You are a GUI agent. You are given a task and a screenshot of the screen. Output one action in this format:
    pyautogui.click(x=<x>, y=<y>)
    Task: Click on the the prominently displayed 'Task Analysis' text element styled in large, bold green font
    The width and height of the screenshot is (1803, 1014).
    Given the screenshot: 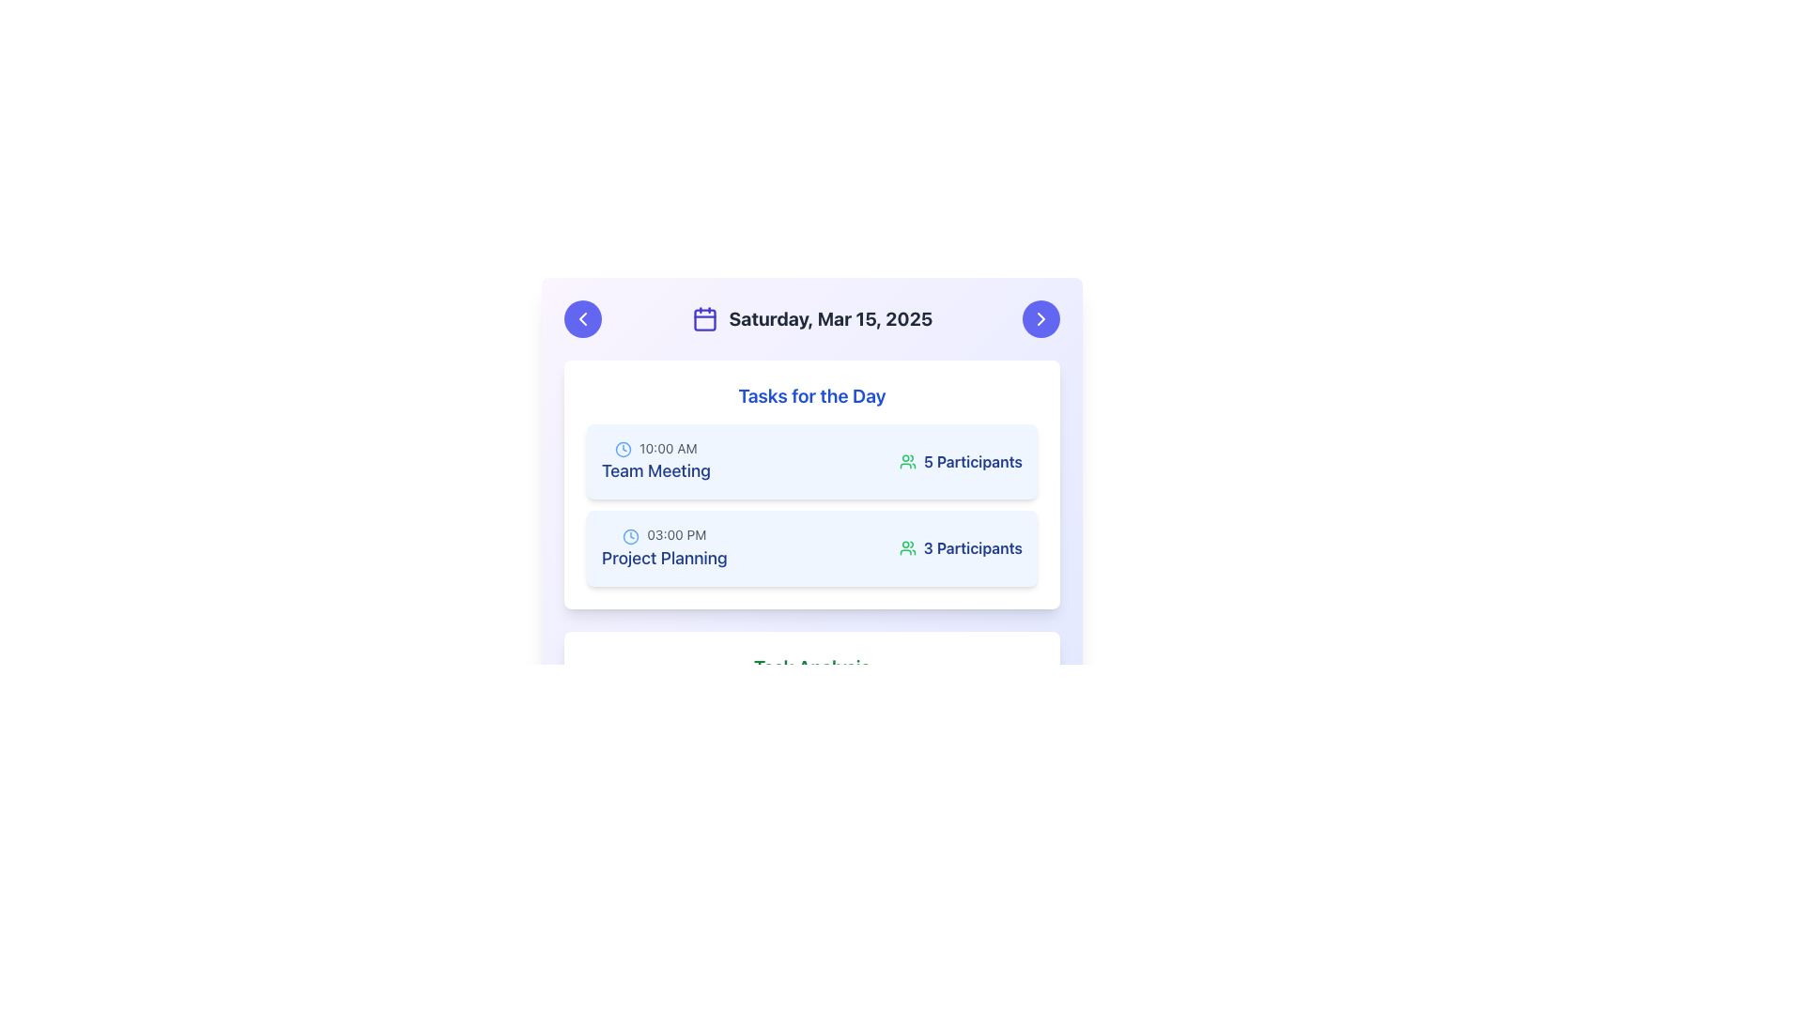 What is the action you would take?
    pyautogui.click(x=811, y=665)
    